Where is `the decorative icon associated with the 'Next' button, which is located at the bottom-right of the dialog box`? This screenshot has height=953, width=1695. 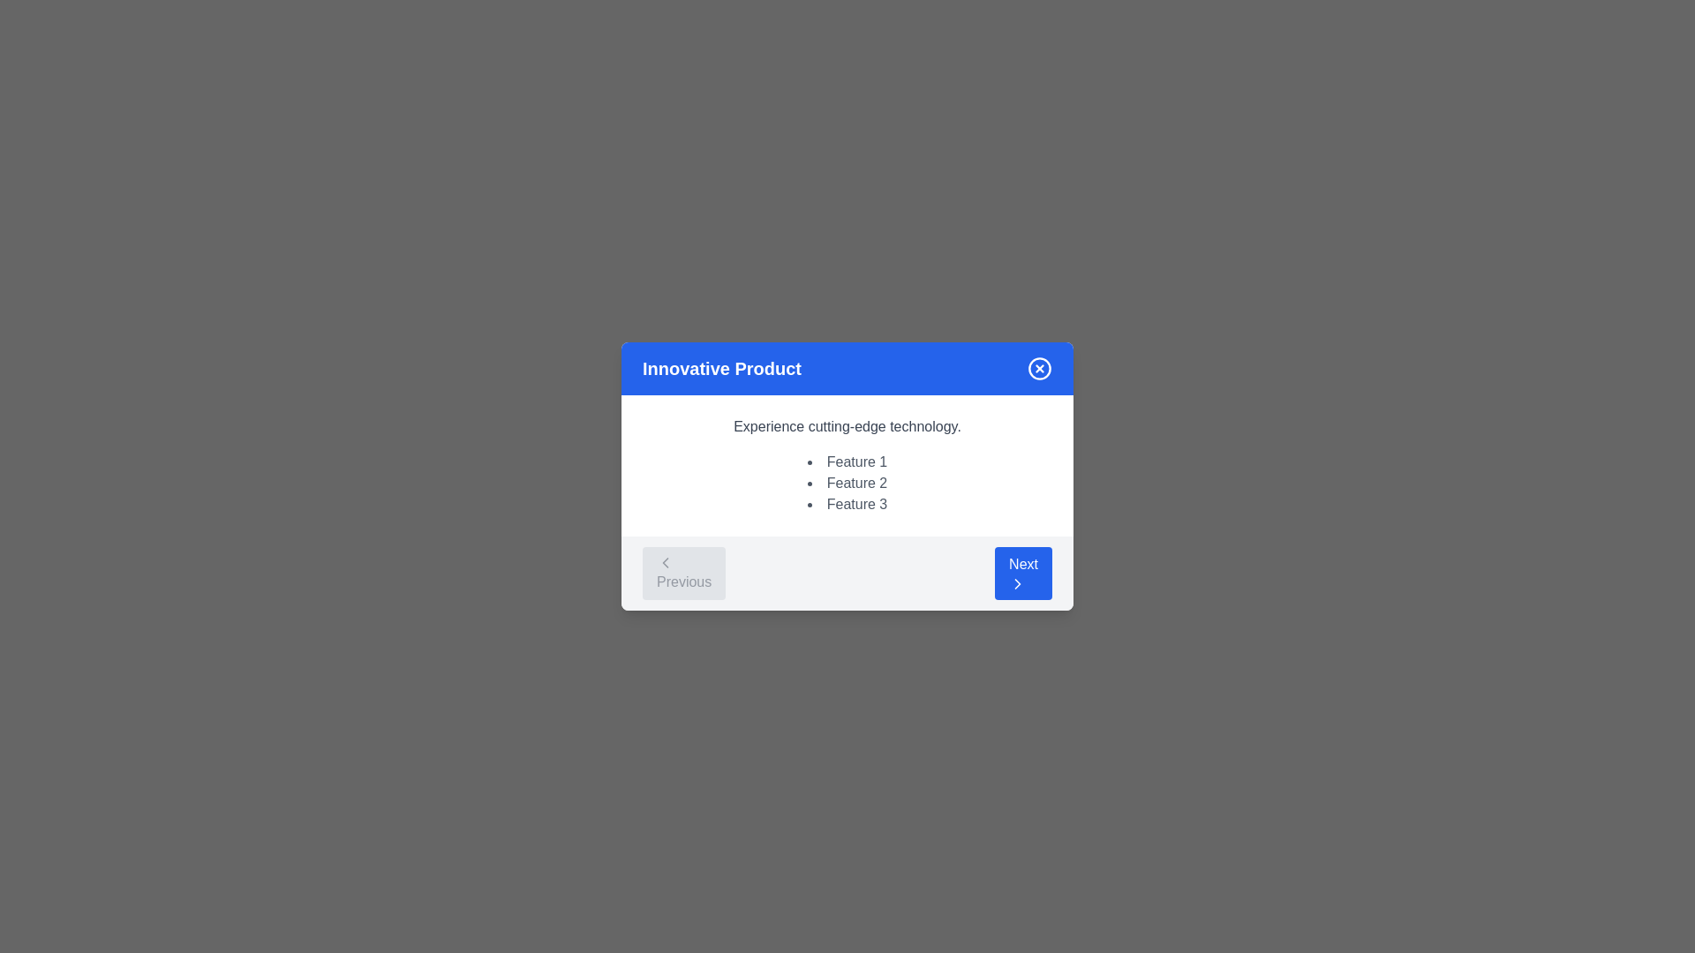
the decorative icon associated with the 'Next' button, which is located at the bottom-right of the dialog box is located at coordinates (1018, 584).